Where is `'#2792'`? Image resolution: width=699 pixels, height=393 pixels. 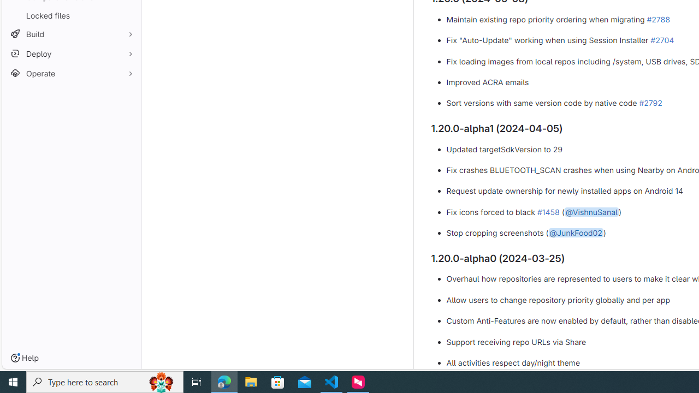
'#2792' is located at coordinates (650, 103).